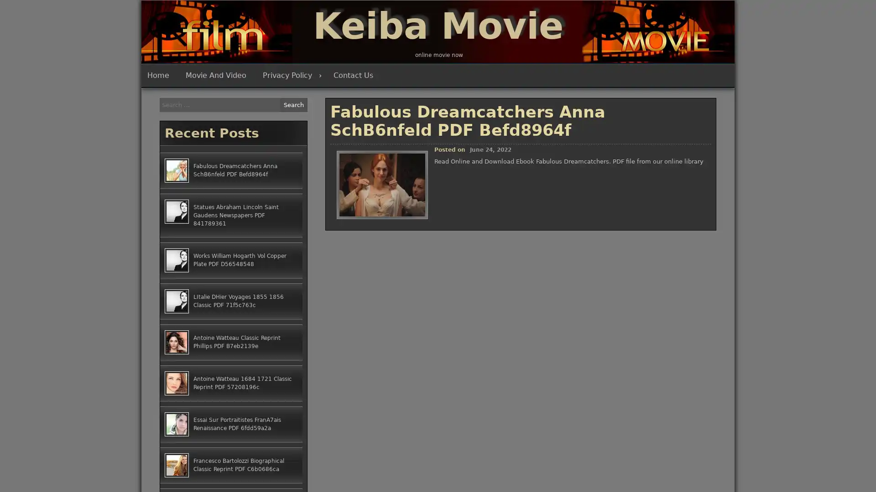  What do you see at coordinates (293, 104) in the screenshot?
I see `Search` at bounding box center [293, 104].